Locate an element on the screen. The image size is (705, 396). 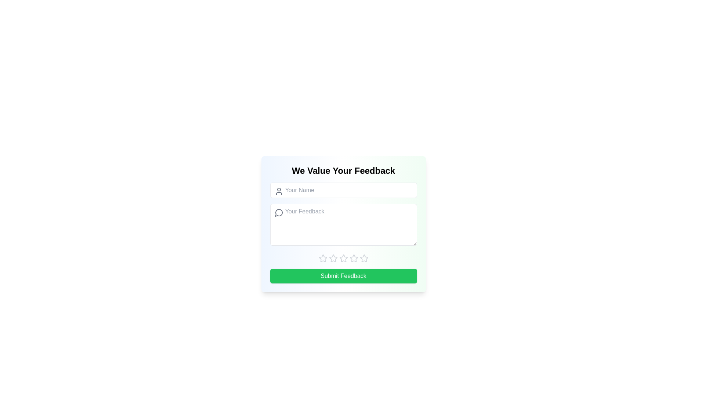
the sixth star icon in the rating star array below the 'Your Feedback' textarea is located at coordinates (364, 258).